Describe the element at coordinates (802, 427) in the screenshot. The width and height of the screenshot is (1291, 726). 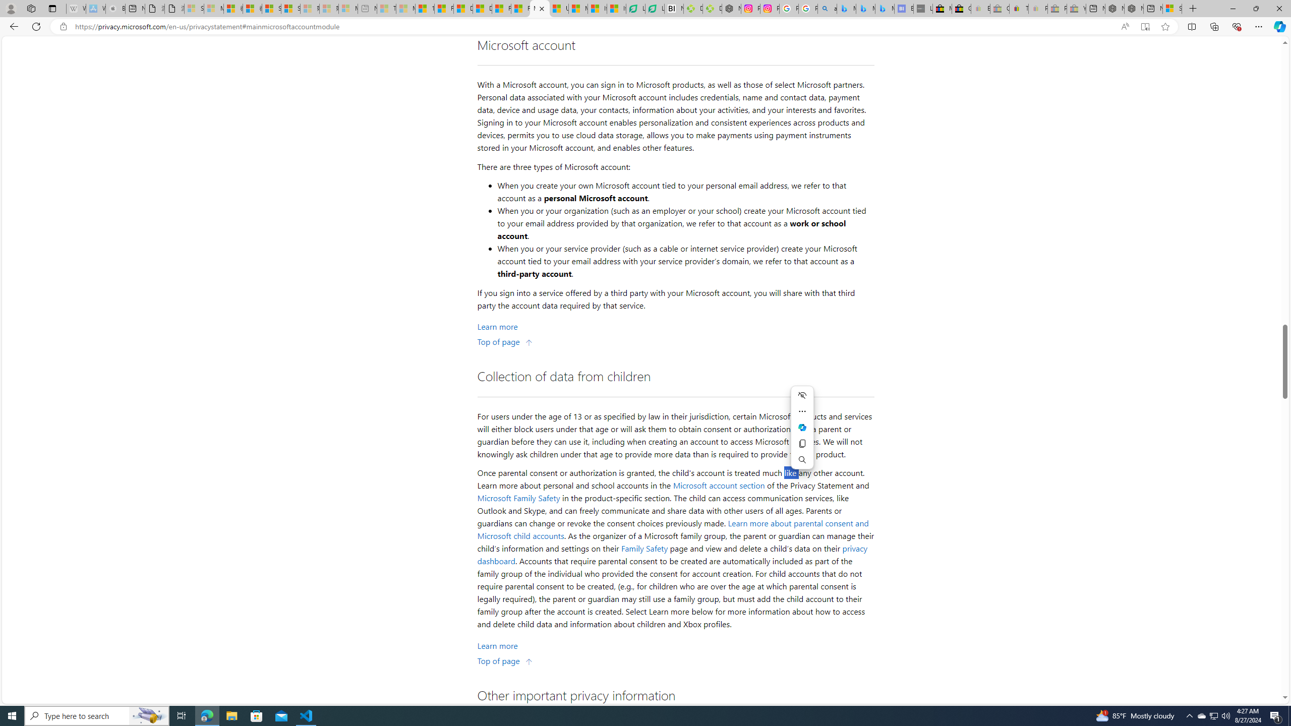
I see `'Mini menu on text selection'` at that location.